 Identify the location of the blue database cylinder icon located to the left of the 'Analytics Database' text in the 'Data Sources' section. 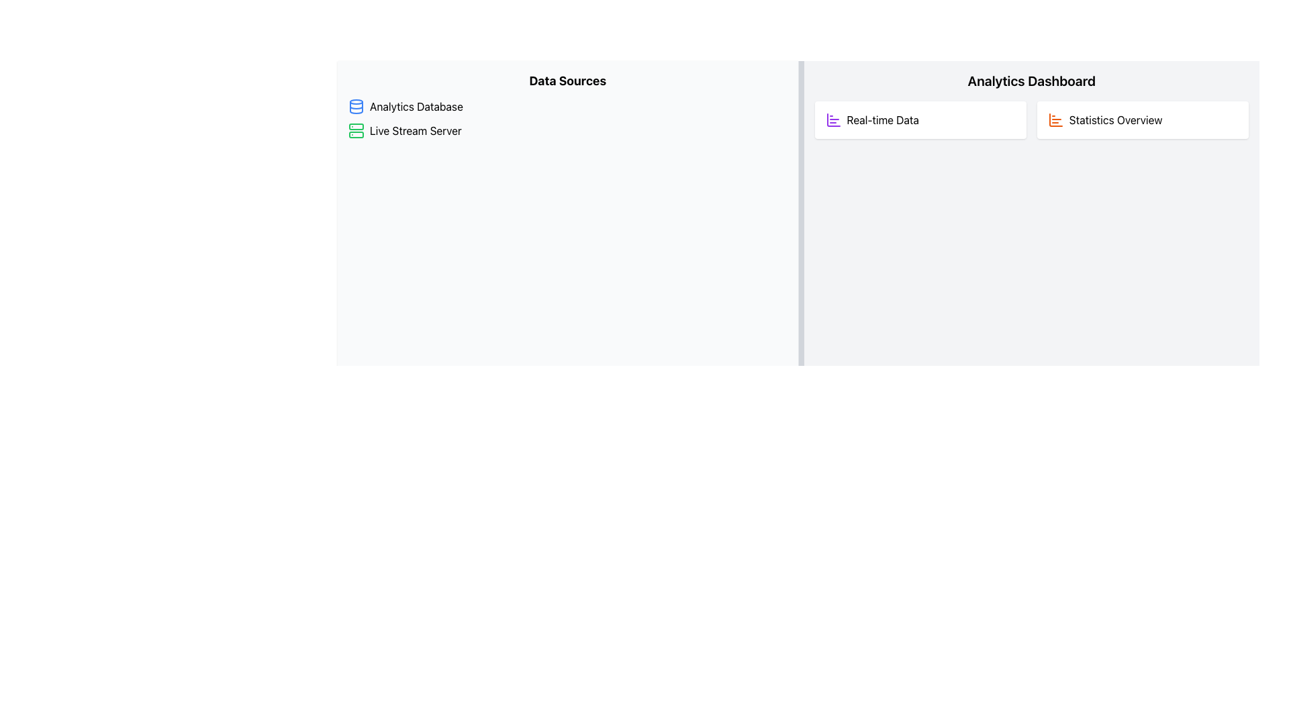
(356, 105).